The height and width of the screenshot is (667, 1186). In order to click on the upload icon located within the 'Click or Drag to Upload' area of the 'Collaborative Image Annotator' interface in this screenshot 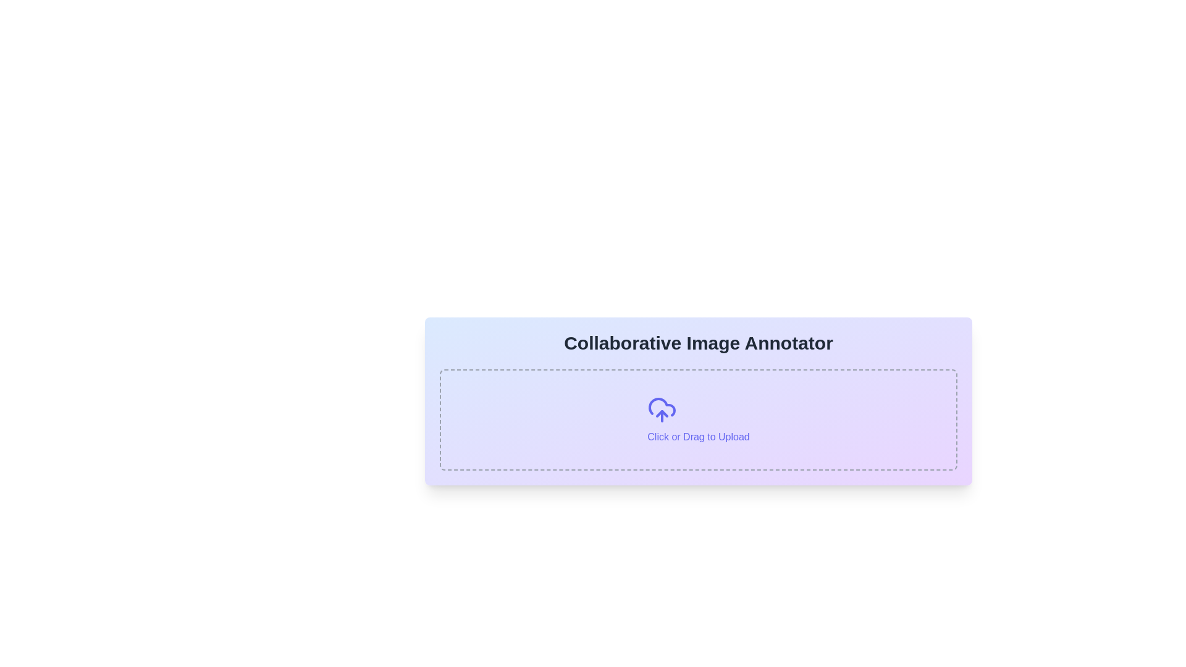, I will do `click(662, 409)`.